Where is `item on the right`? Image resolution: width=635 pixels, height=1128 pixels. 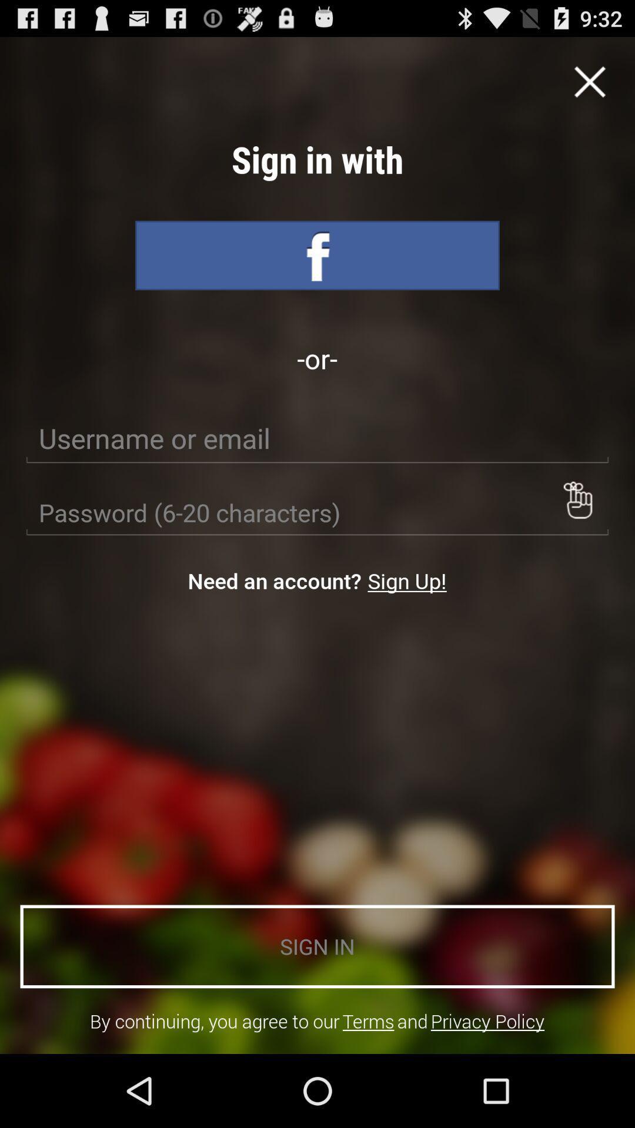 item on the right is located at coordinates (577, 500).